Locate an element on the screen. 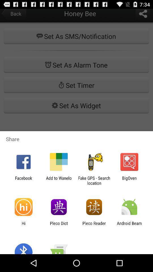  icon next to fake gps search is located at coordinates (129, 180).